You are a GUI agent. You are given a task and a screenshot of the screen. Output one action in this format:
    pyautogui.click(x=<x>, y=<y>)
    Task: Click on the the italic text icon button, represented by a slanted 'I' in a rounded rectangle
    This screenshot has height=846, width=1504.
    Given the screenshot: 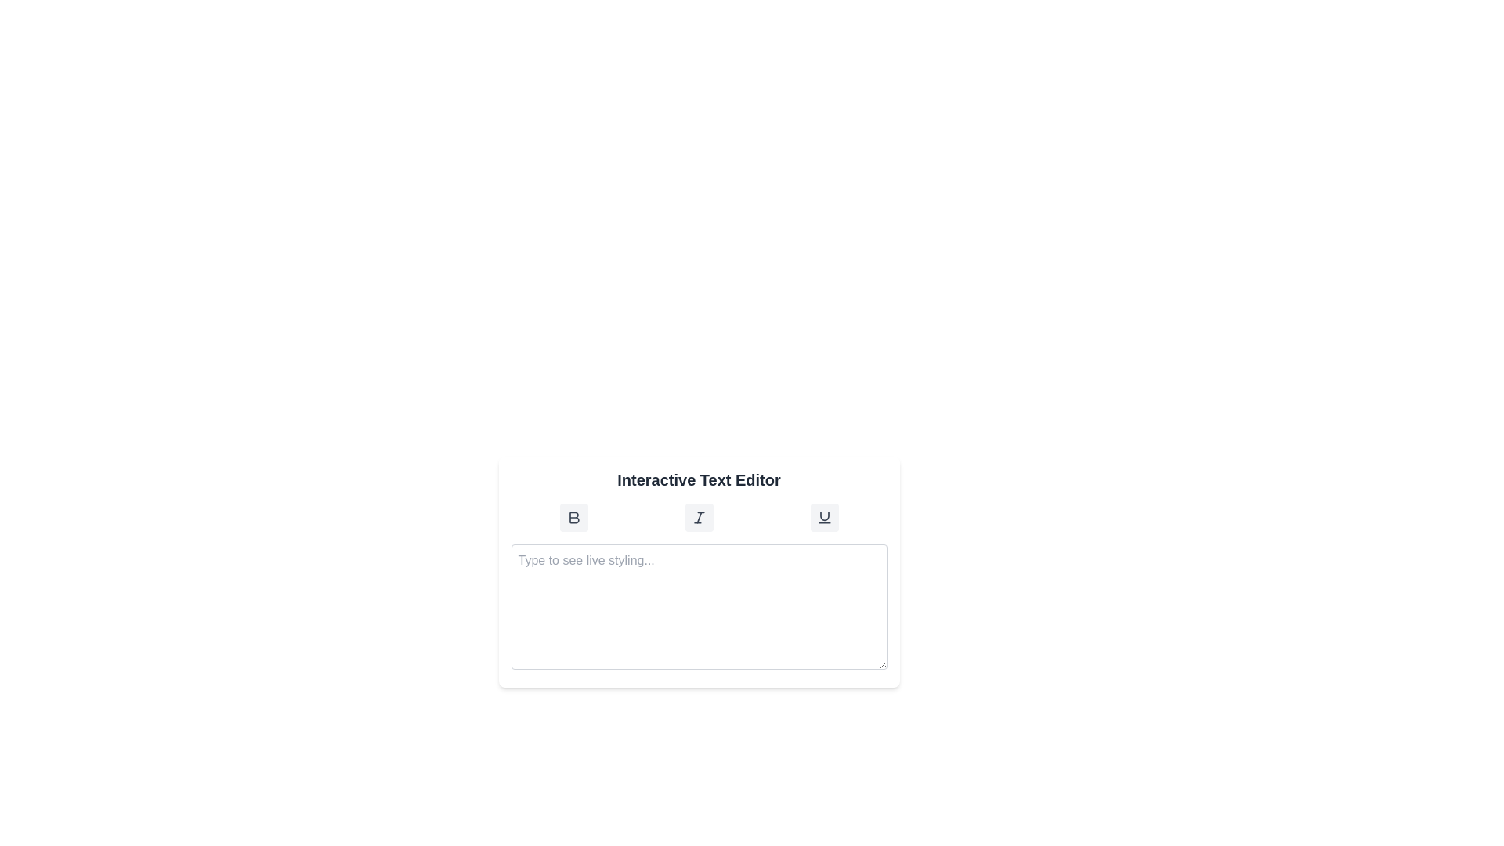 What is the action you would take?
    pyautogui.click(x=698, y=517)
    